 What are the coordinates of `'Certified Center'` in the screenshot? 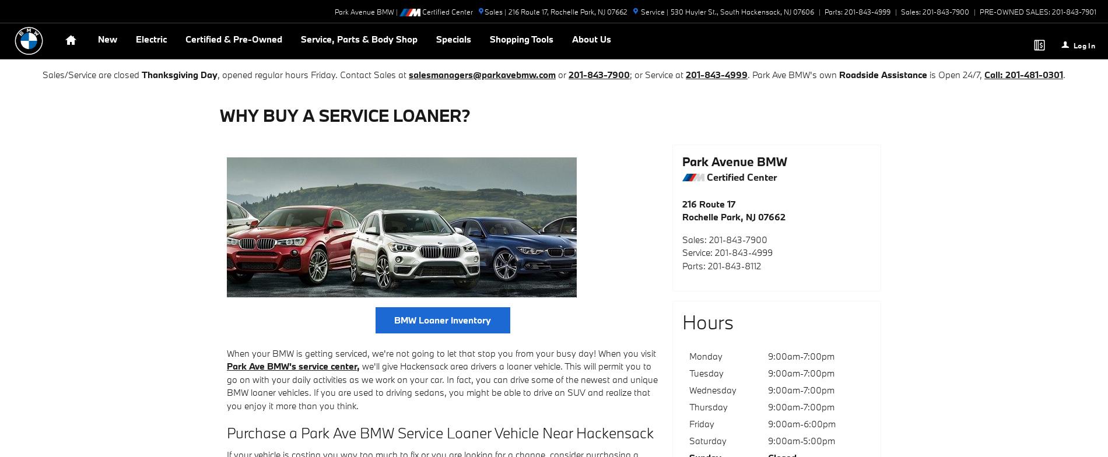 It's located at (446, 11).